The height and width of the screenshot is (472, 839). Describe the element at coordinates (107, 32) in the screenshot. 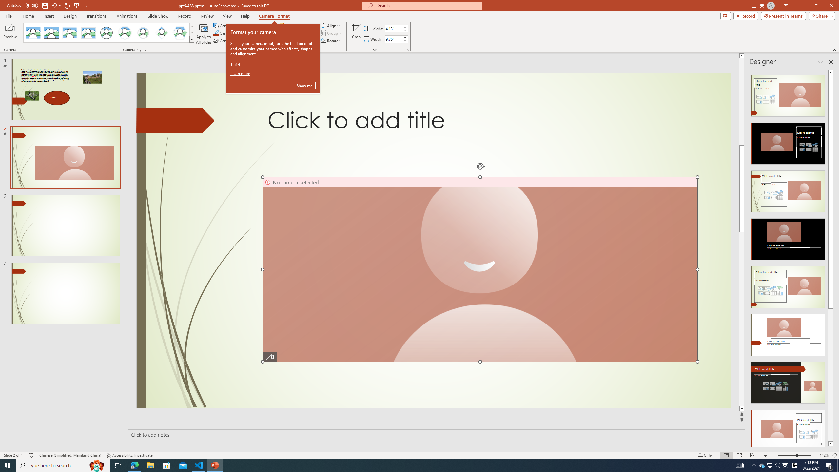

I see `'Simple Frame Circle'` at that location.